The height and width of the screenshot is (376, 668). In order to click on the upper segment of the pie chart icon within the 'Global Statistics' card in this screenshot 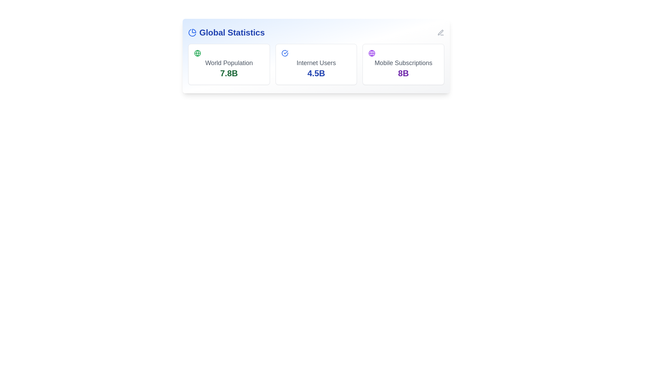, I will do `click(194, 30)`.